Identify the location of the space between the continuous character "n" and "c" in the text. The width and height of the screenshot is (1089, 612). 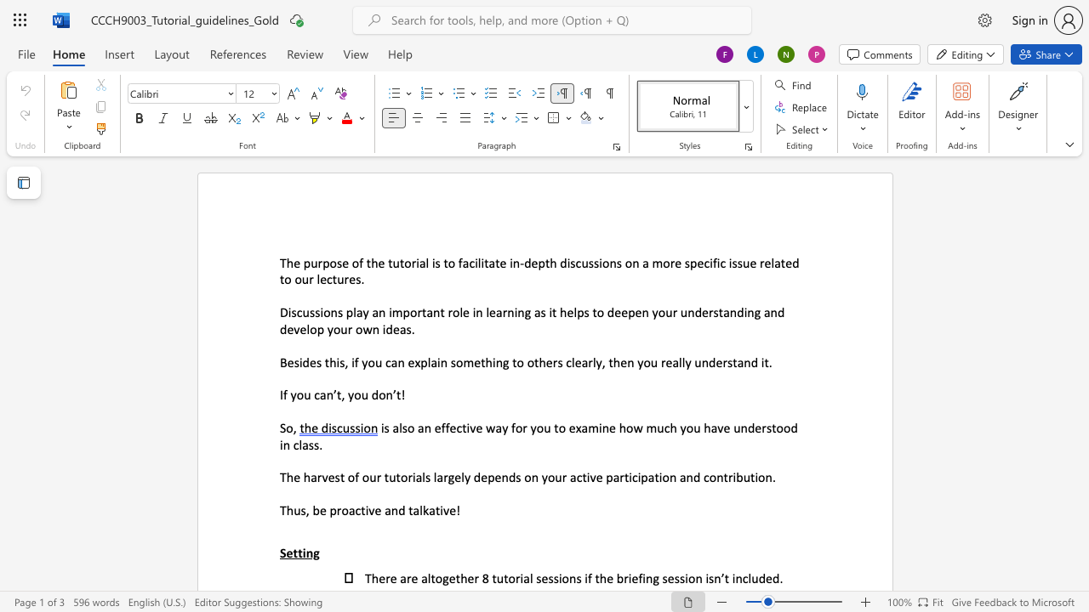
(742, 577).